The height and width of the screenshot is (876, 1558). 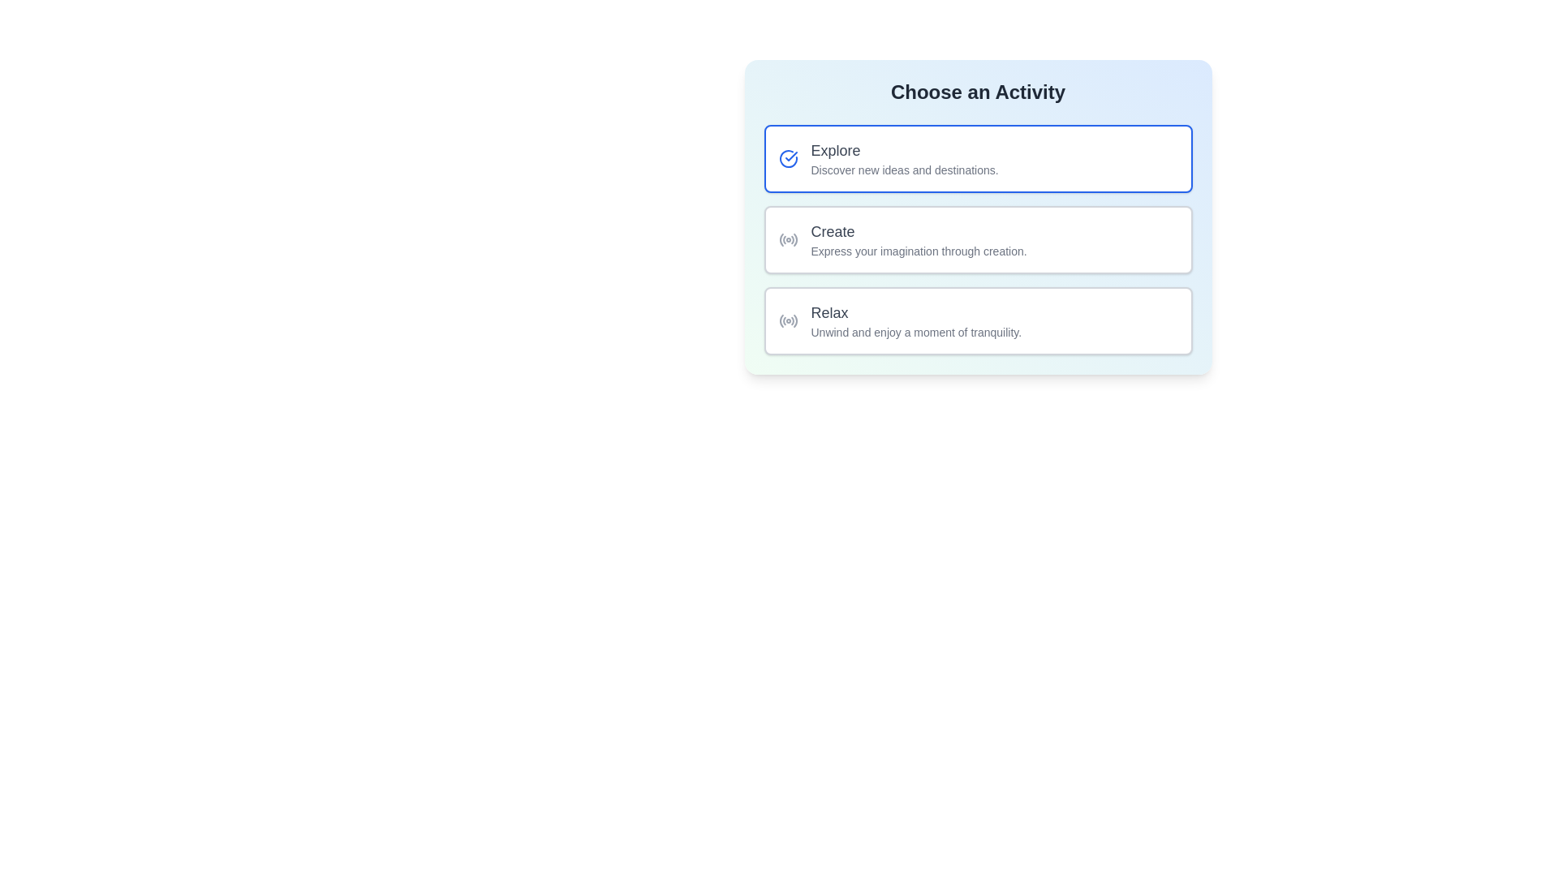 What do you see at coordinates (977, 240) in the screenshot?
I see `the 'Create' button-like card, which is the second card in a vertical stack with a white background and gray border, featuring the title 'Create' and a description below it` at bounding box center [977, 240].